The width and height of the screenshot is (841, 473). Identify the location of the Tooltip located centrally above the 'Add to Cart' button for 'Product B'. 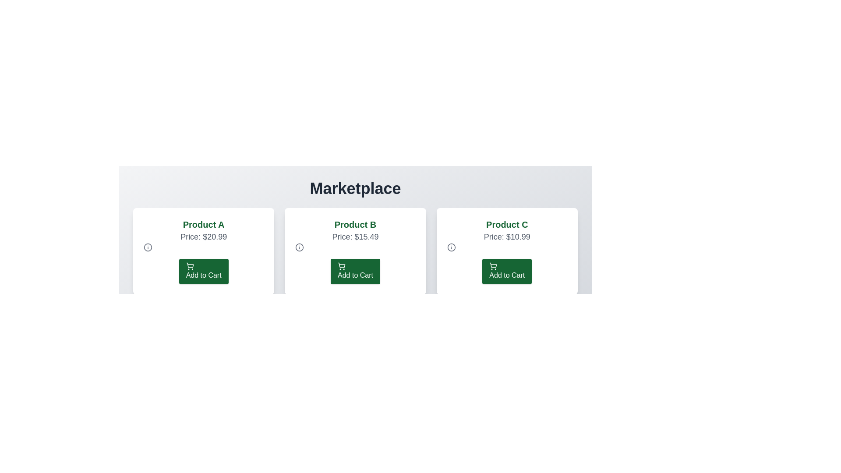
(355, 238).